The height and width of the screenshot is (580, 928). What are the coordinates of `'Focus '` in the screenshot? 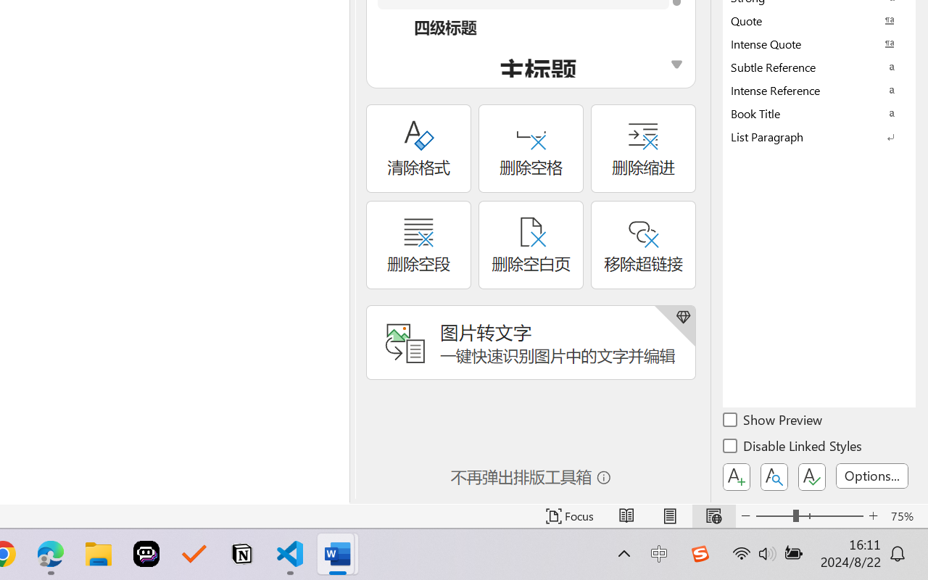 It's located at (569, 515).